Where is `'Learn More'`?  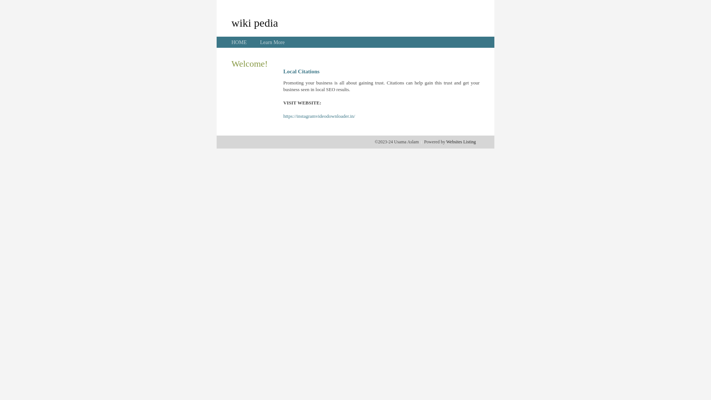
'Learn More' is located at coordinates (271, 42).